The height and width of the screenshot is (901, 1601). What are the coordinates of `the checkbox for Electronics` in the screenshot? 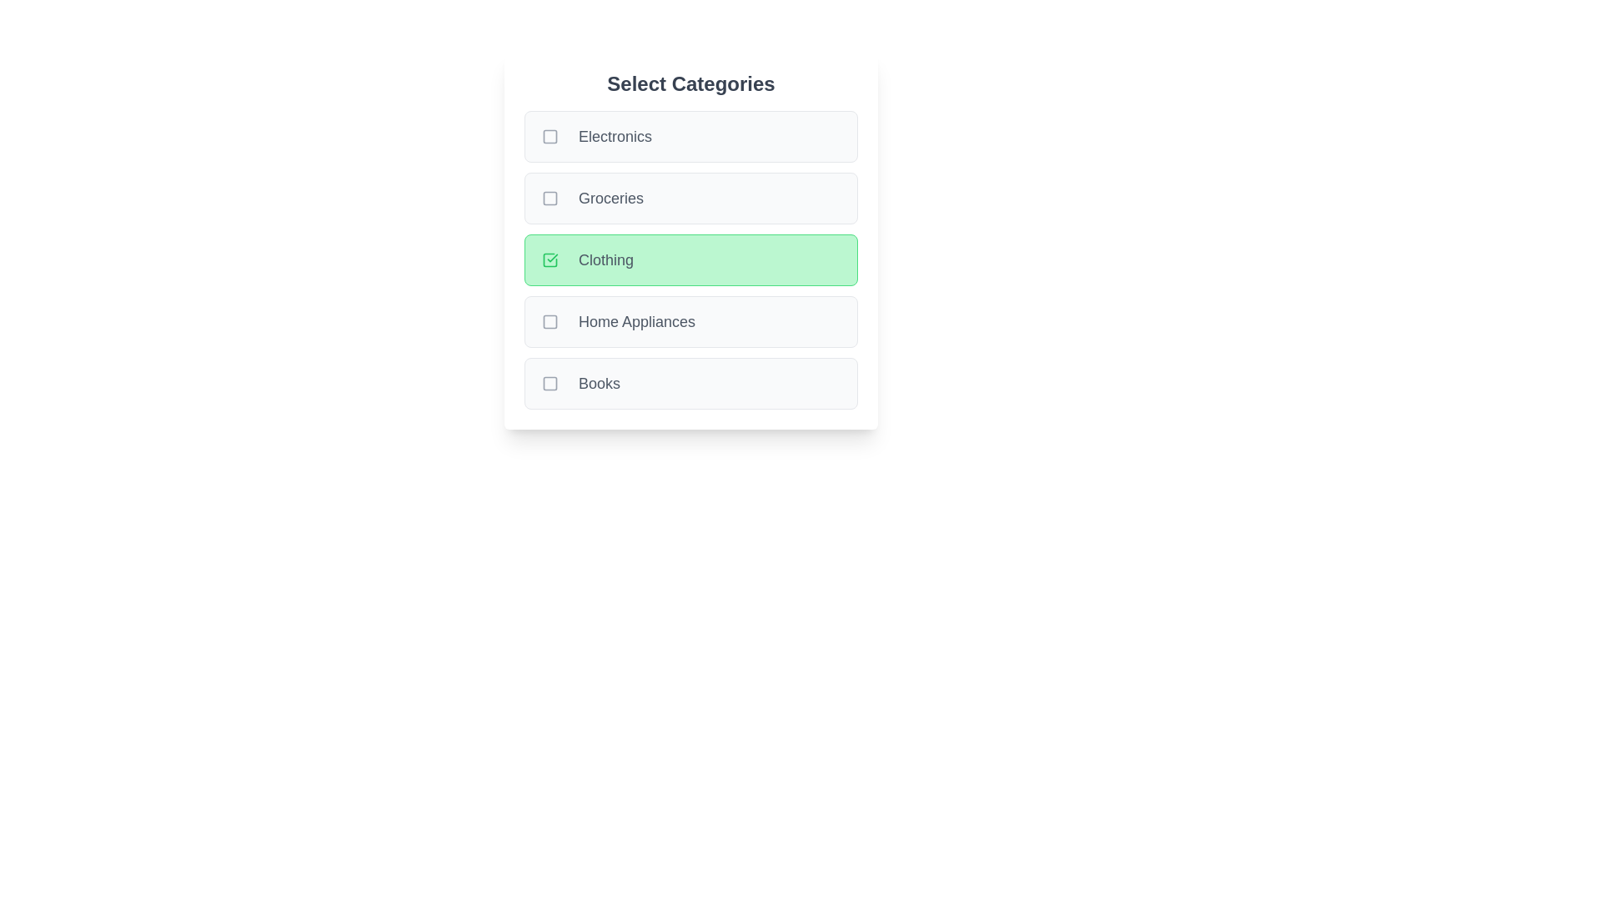 It's located at (550, 136).